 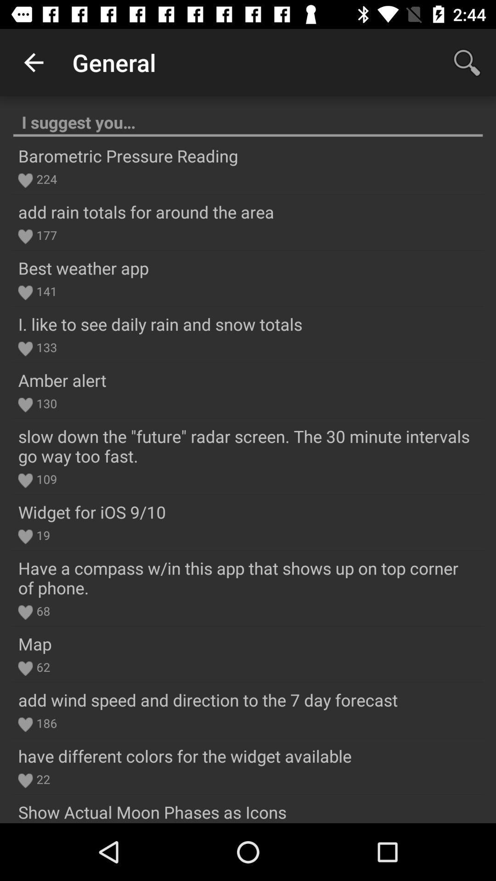 I want to click on item above the 130 icon, so click(x=62, y=380).